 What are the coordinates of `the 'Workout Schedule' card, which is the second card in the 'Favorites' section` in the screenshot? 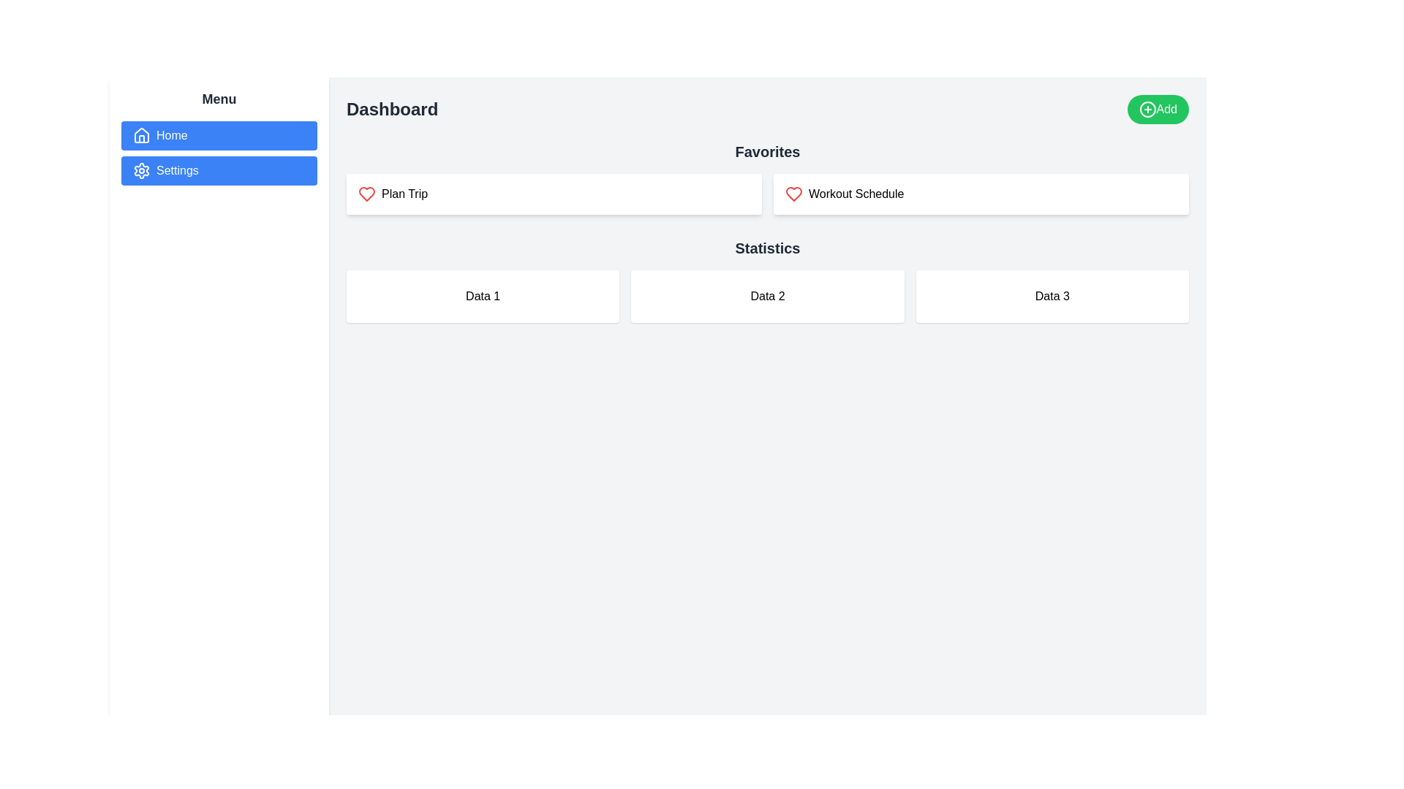 It's located at (981, 194).